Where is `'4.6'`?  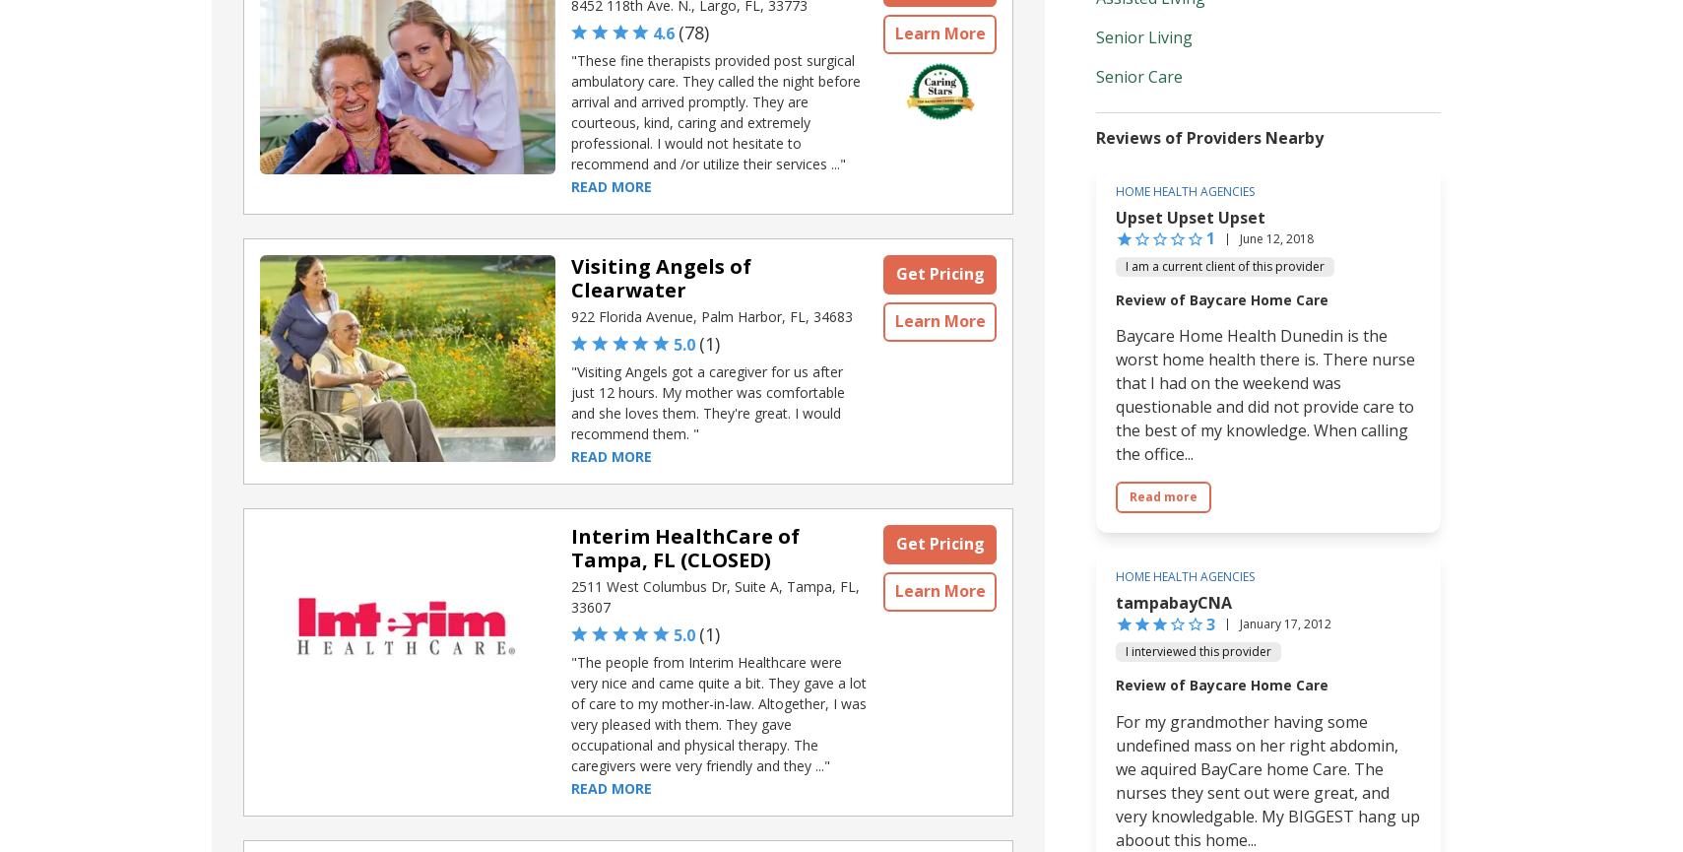 '4.6' is located at coordinates (662, 33).